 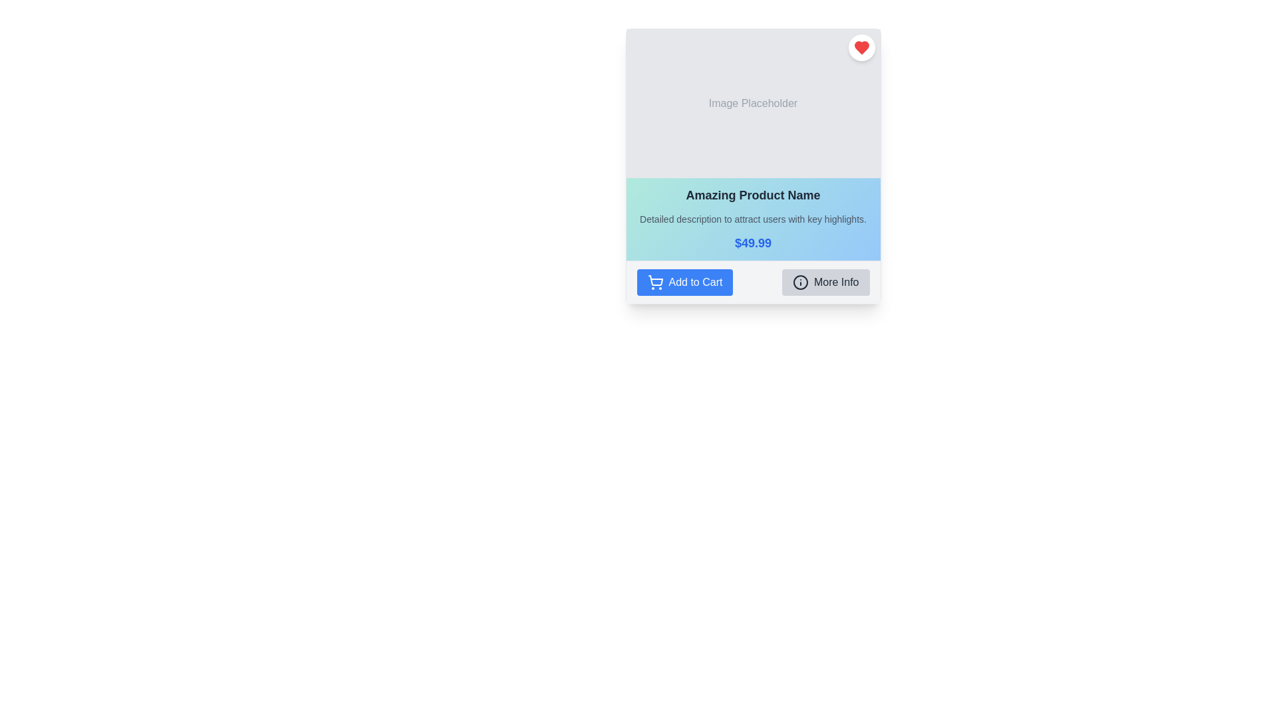 What do you see at coordinates (825, 281) in the screenshot?
I see `the button located at the bottom right section of the product card for accessibility` at bounding box center [825, 281].